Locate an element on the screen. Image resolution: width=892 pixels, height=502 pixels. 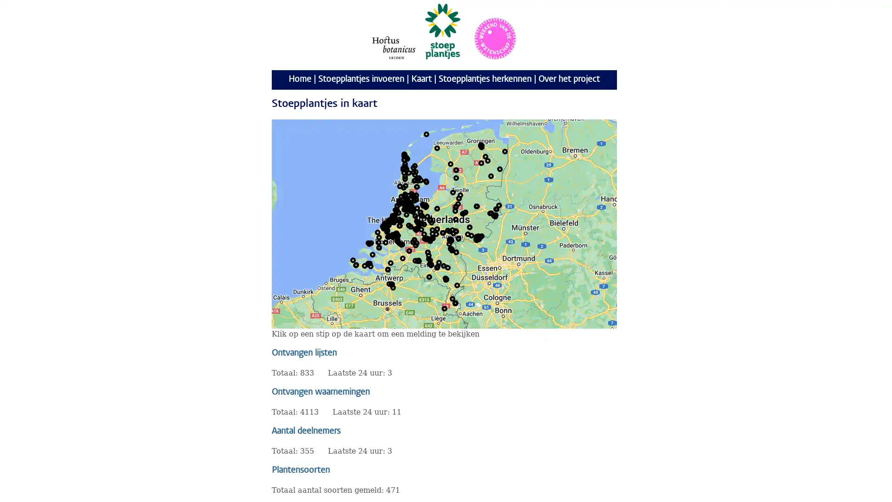
Telling van op 19 oktober 2021 is located at coordinates (406, 204).